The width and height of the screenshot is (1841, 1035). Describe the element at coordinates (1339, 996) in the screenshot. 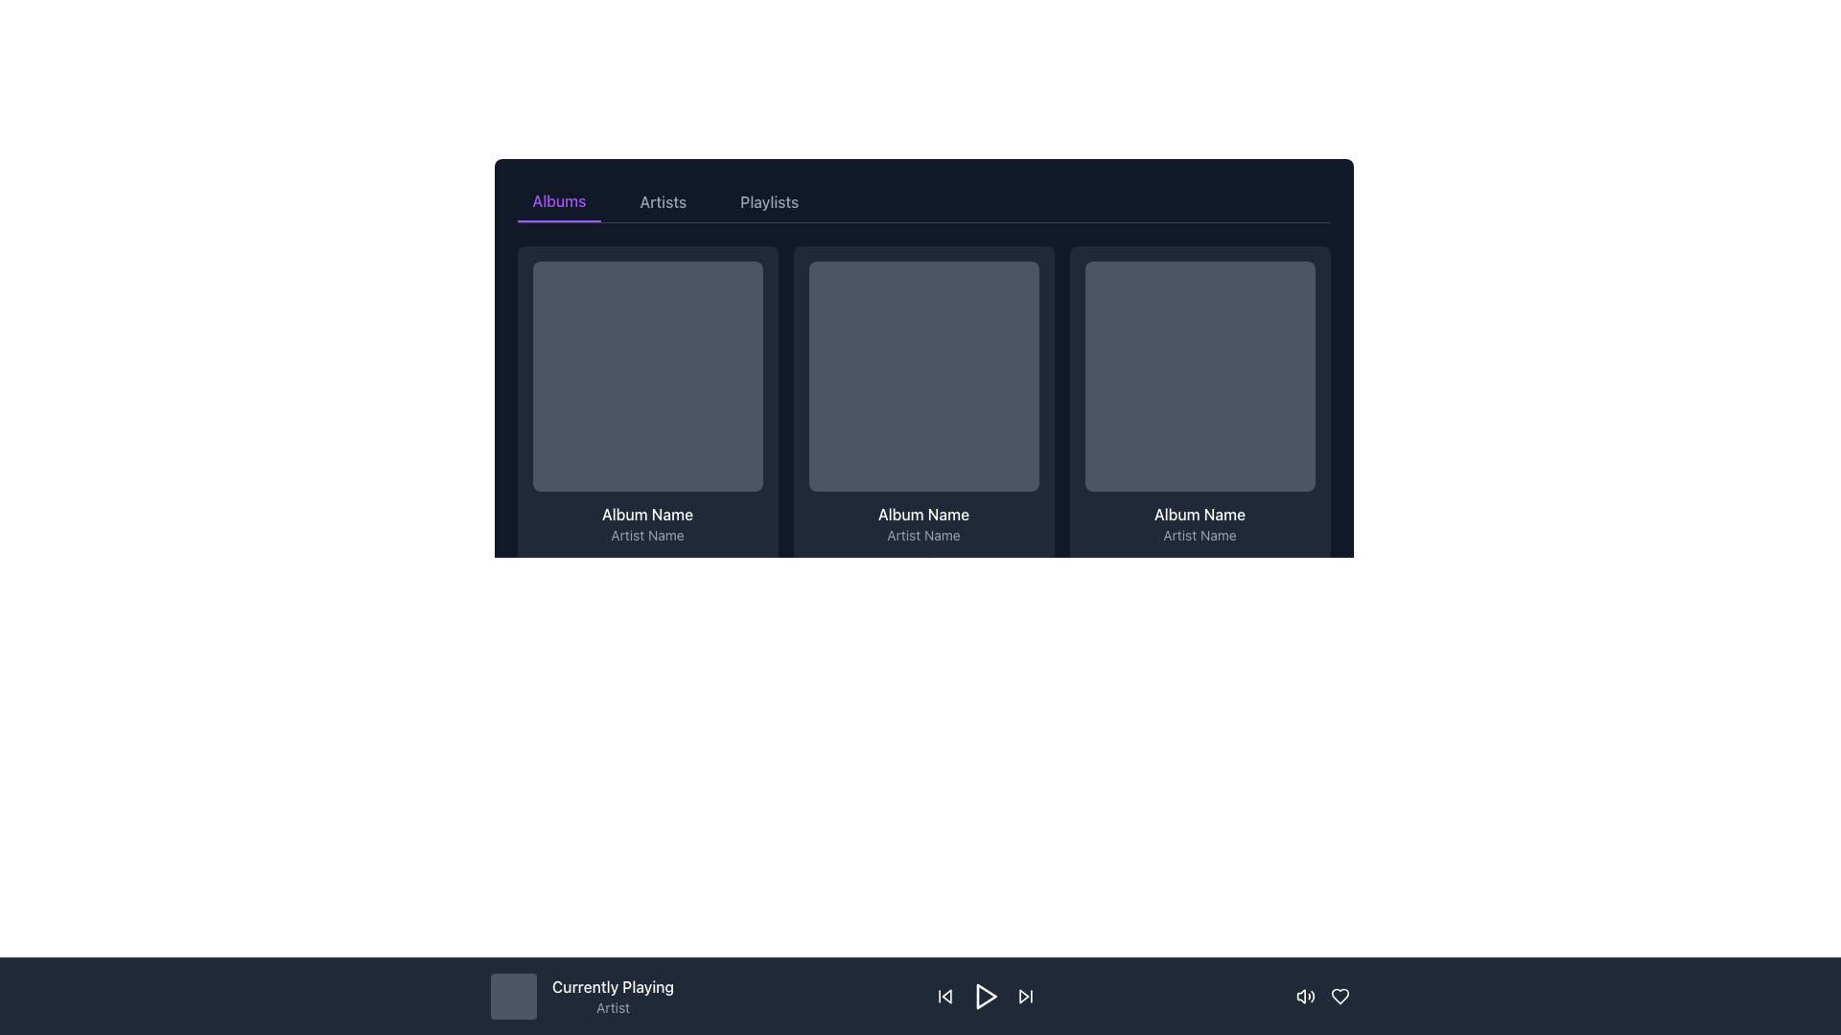

I see `the heart icon button located in the lower right section of the interface to mark it as a favorite` at that location.